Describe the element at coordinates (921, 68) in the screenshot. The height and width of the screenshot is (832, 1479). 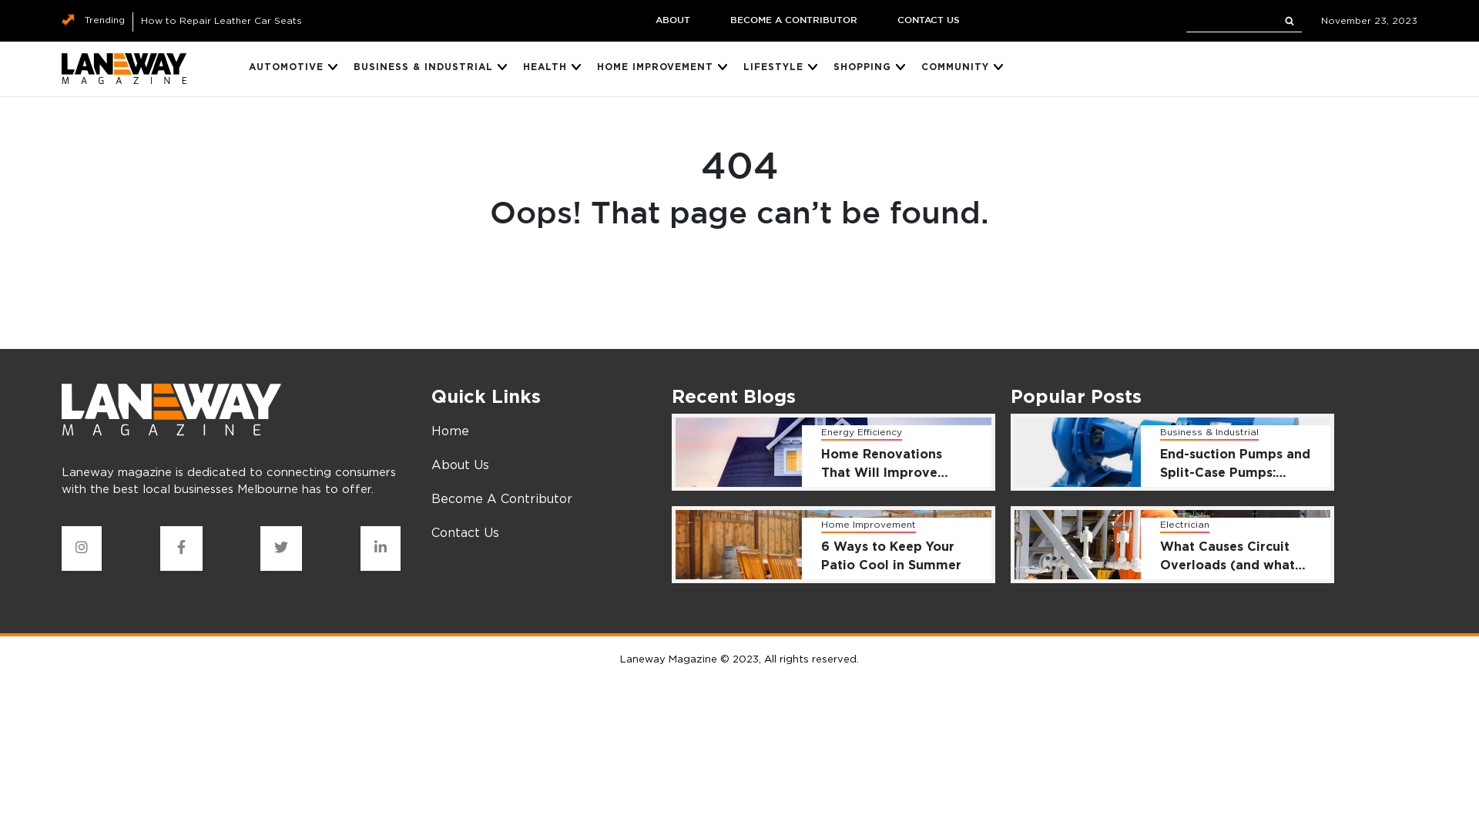
I see `'COMMUNITY'` at that location.